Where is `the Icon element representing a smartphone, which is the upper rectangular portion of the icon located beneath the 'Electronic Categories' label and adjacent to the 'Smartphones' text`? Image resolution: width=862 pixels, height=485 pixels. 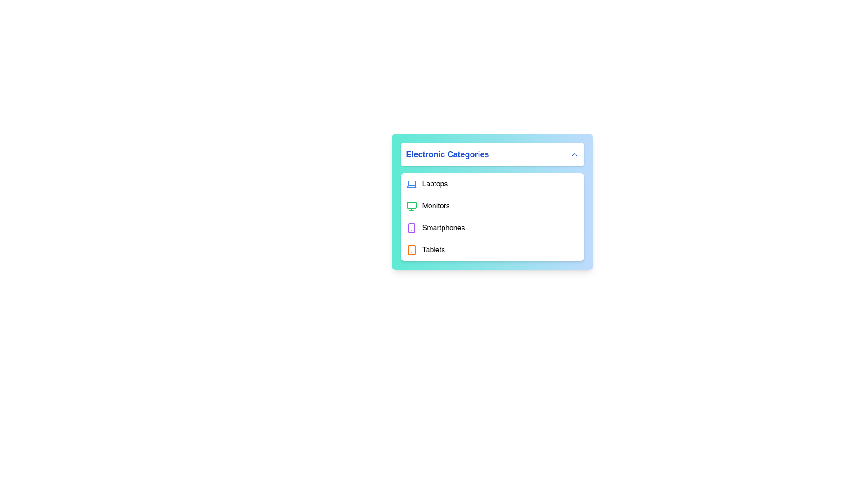 the Icon element representing a smartphone, which is the upper rectangular portion of the icon located beneath the 'Electronic Categories' label and adjacent to the 'Smartphones' text is located at coordinates (411, 228).